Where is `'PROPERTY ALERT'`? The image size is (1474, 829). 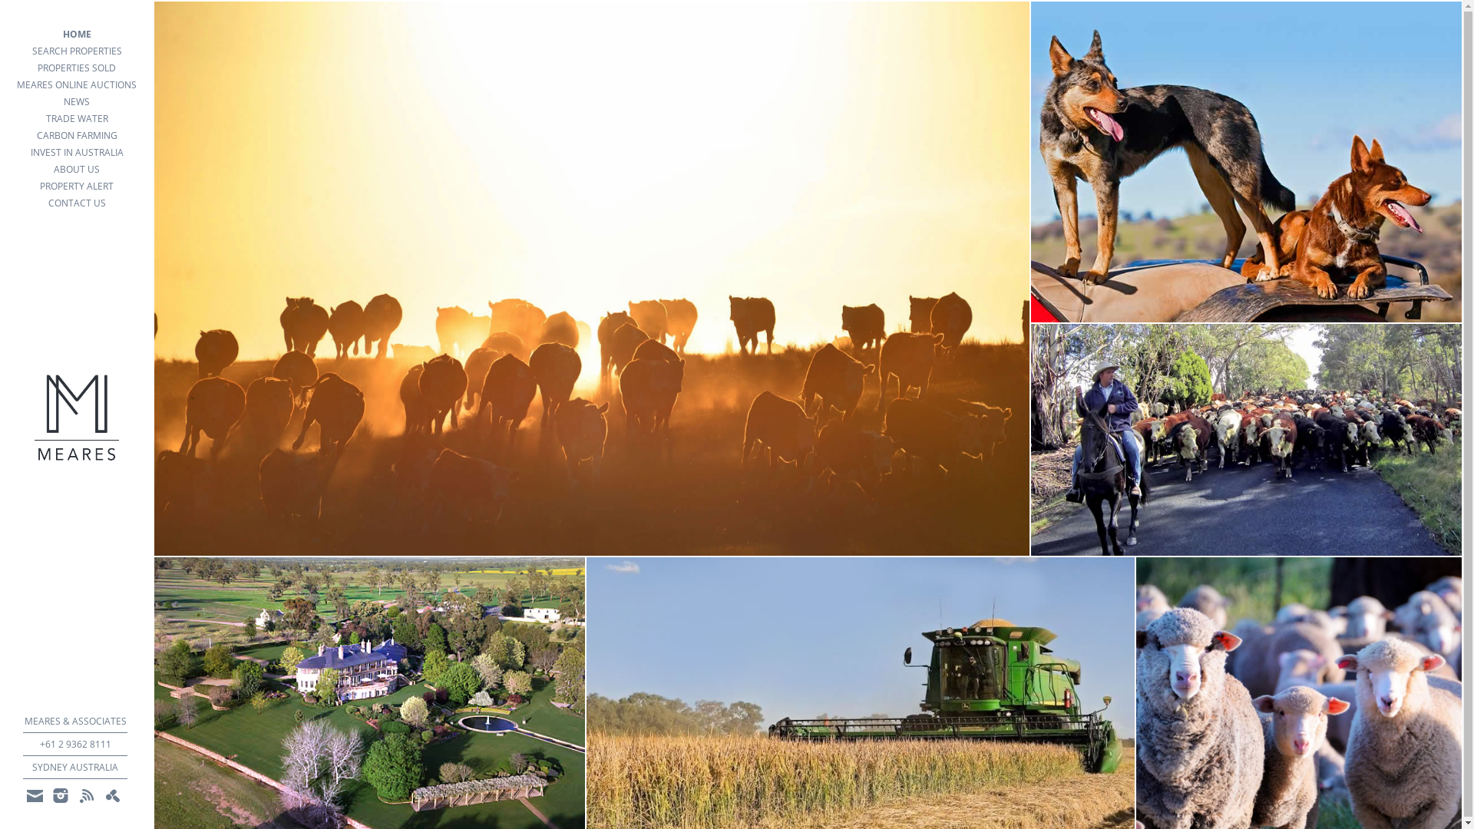 'PROPERTY ALERT' is located at coordinates (76, 186).